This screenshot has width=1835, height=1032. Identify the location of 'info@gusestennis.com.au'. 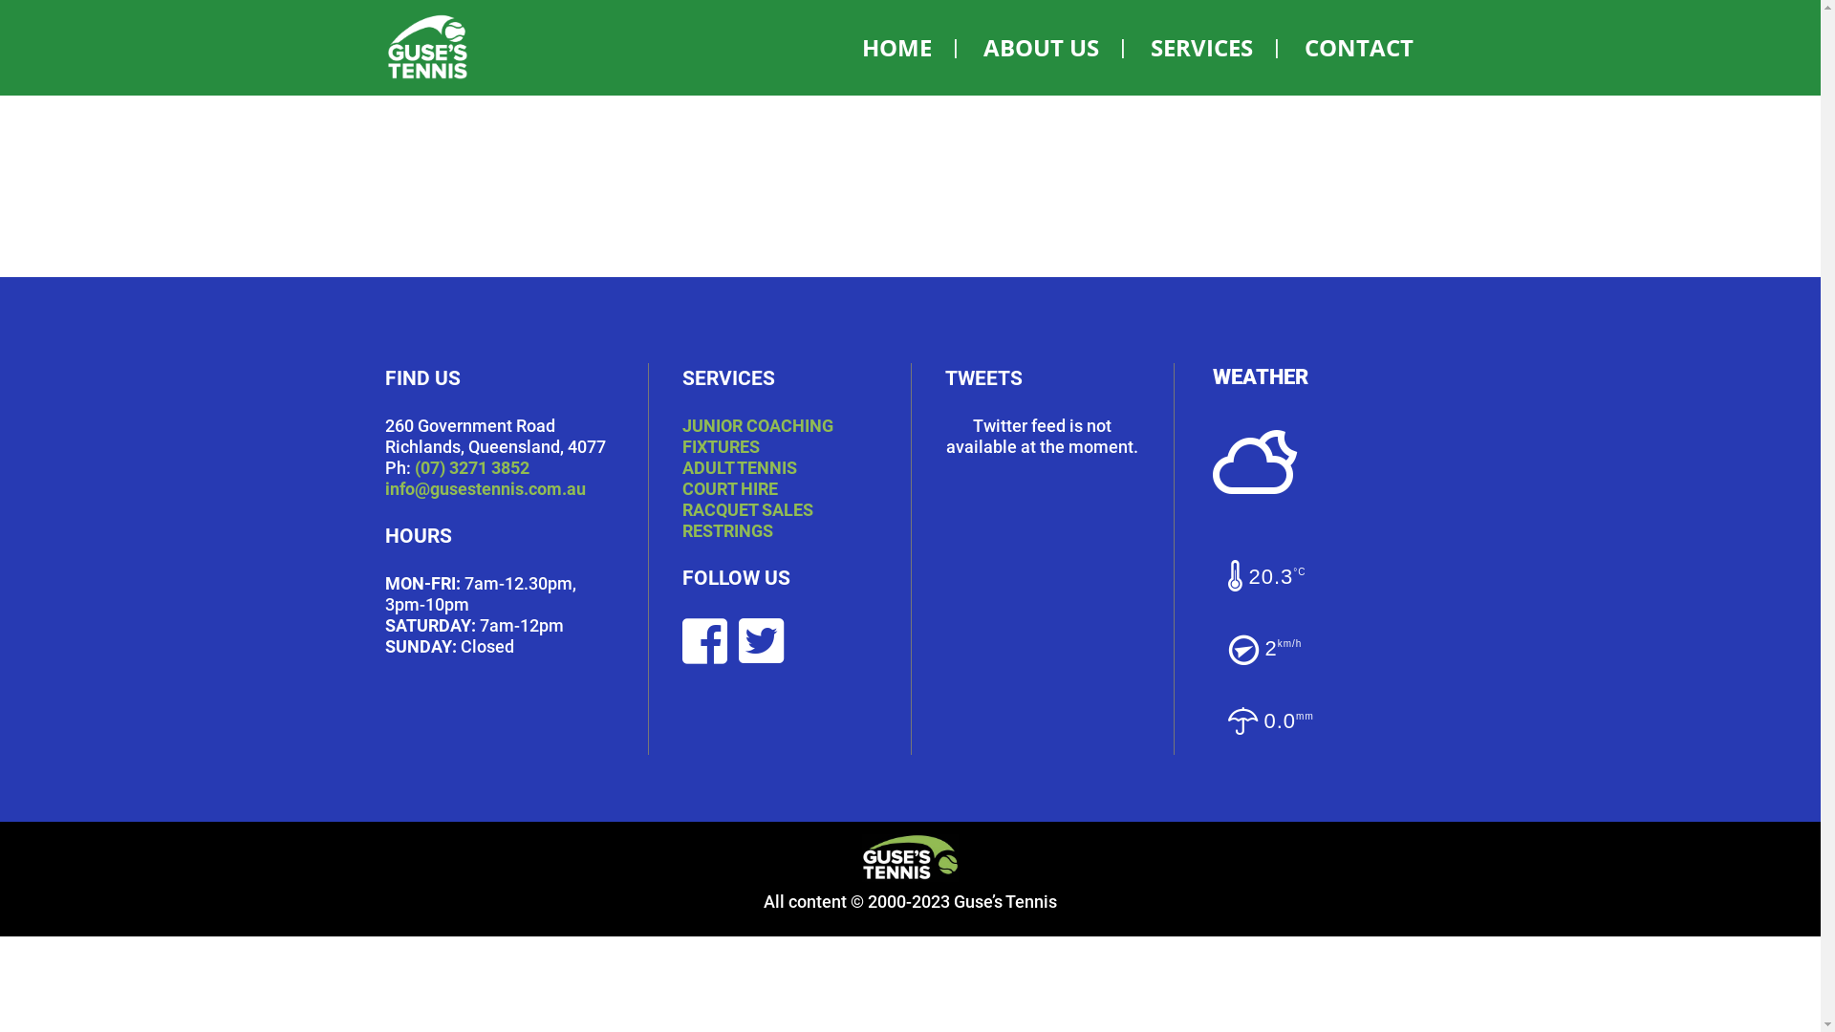
(485, 487).